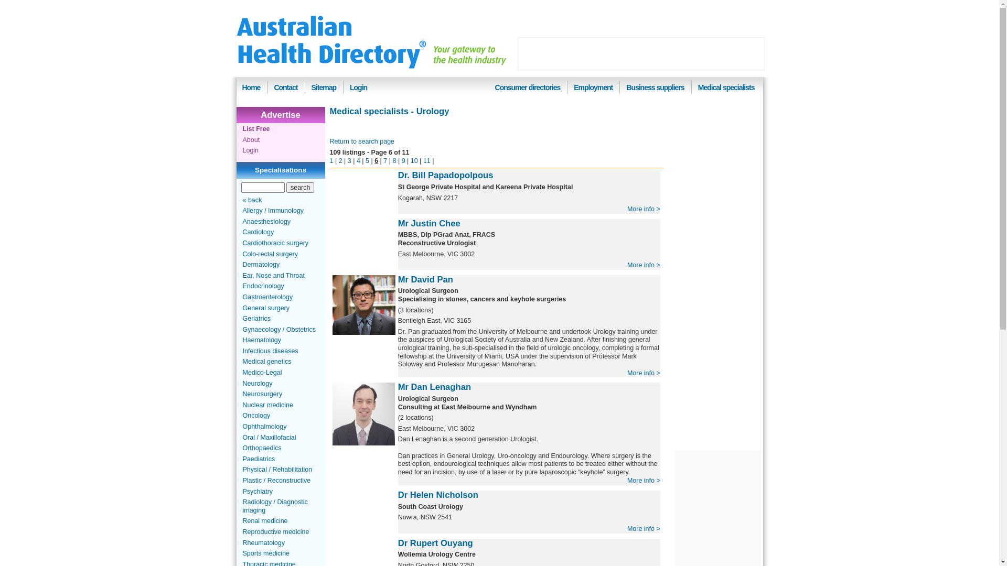 This screenshot has height=566, width=1007. Describe the element at coordinates (266, 307) in the screenshot. I see `'General surgery'` at that location.